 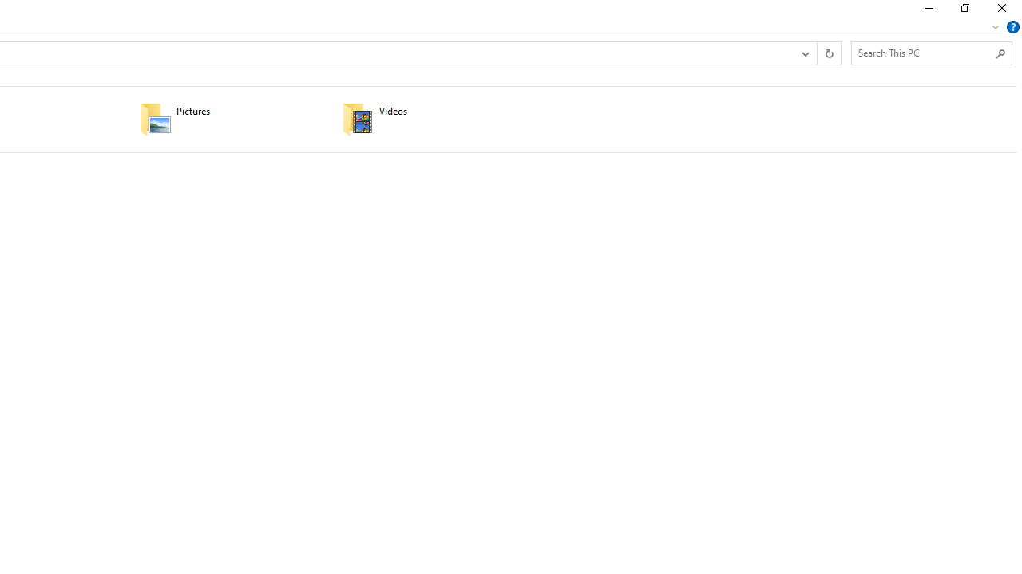 What do you see at coordinates (924, 52) in the screenshot?
I see `'Search Box'` at bounding box center [924, 52].